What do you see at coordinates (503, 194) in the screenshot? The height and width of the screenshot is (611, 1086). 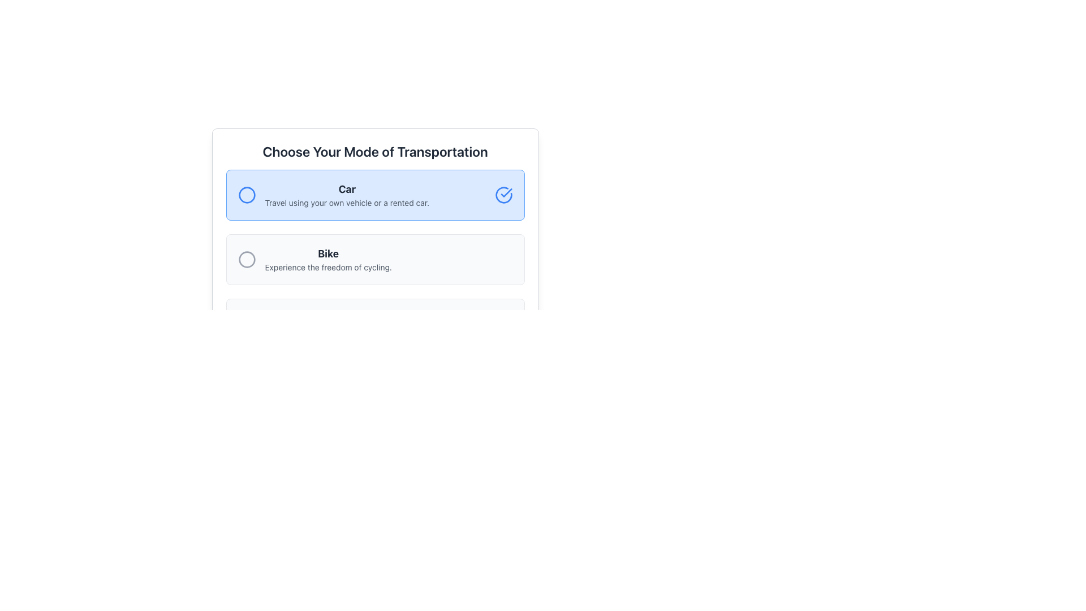 I see `the icon indicating the selection of the 'Car' option located in the top-right corner of the highlighted rectangular area` at bounding box center [503, 194].